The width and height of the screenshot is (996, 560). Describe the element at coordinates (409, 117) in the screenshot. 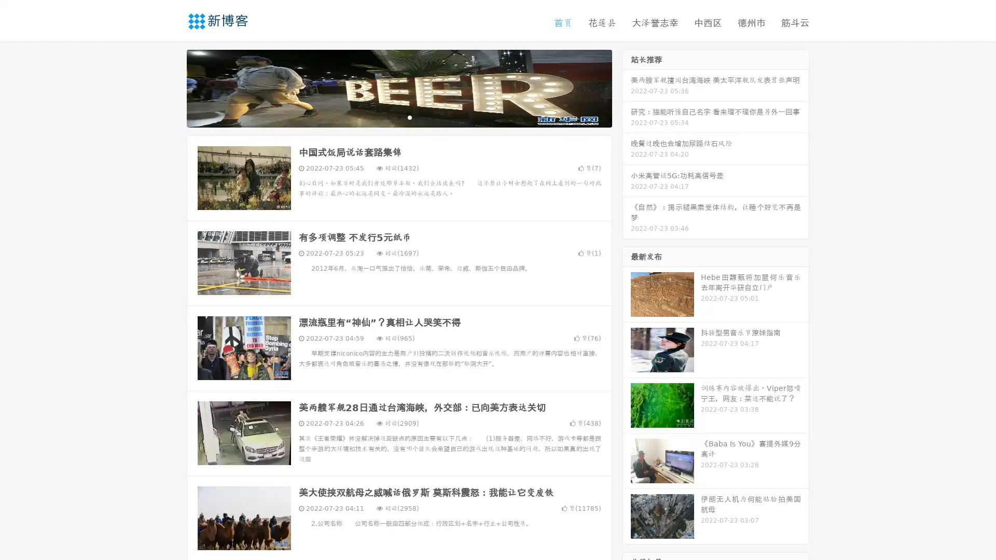

I see `Go to slide 3` at that location.